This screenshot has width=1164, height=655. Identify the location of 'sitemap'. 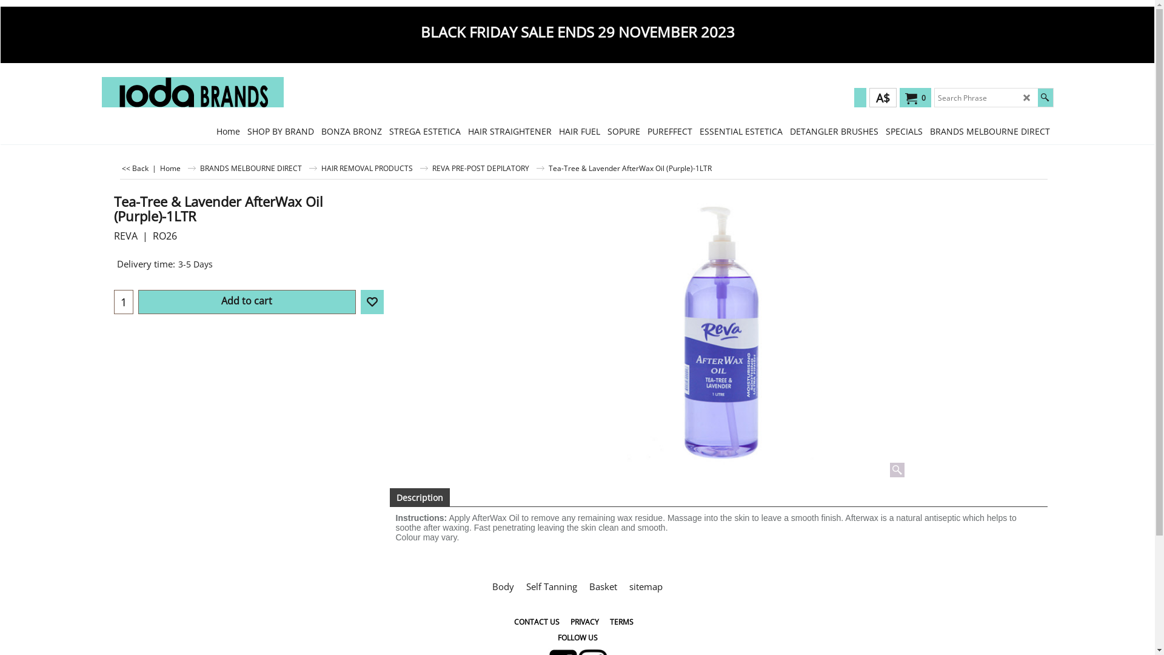
(645, 586).